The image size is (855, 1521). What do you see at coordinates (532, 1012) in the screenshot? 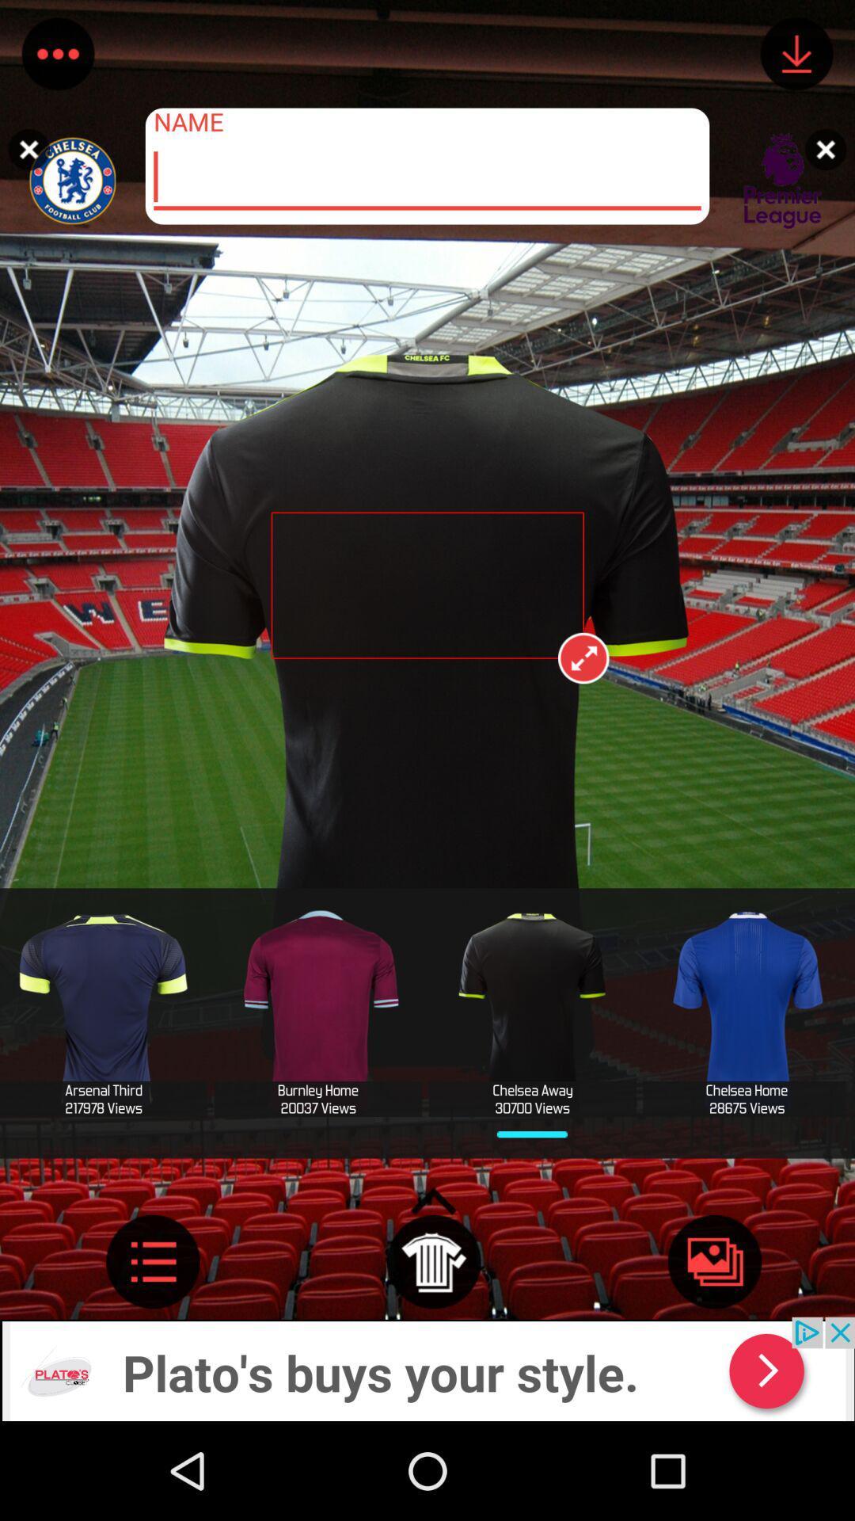
I see `option left to blue tshirt` at bounding box center [532, 1012].